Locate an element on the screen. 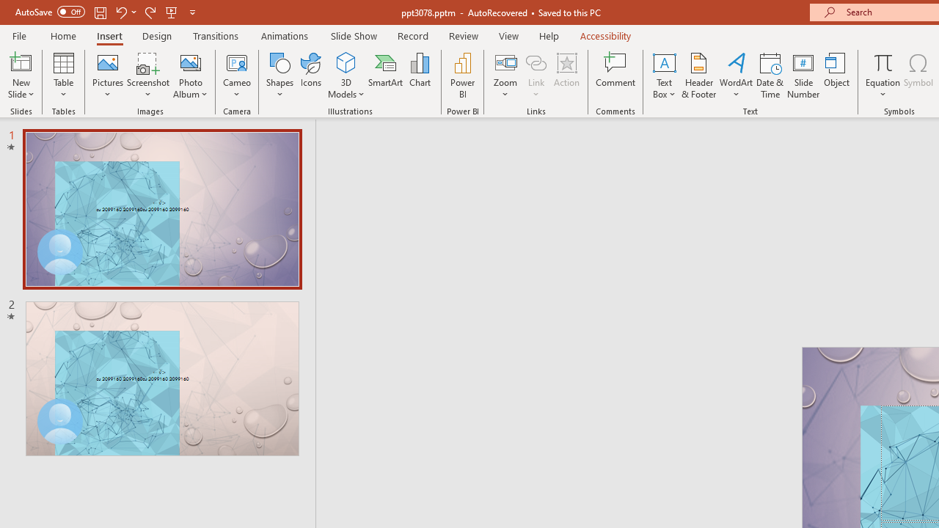  'Equation' is located at coordinates (882, 76).